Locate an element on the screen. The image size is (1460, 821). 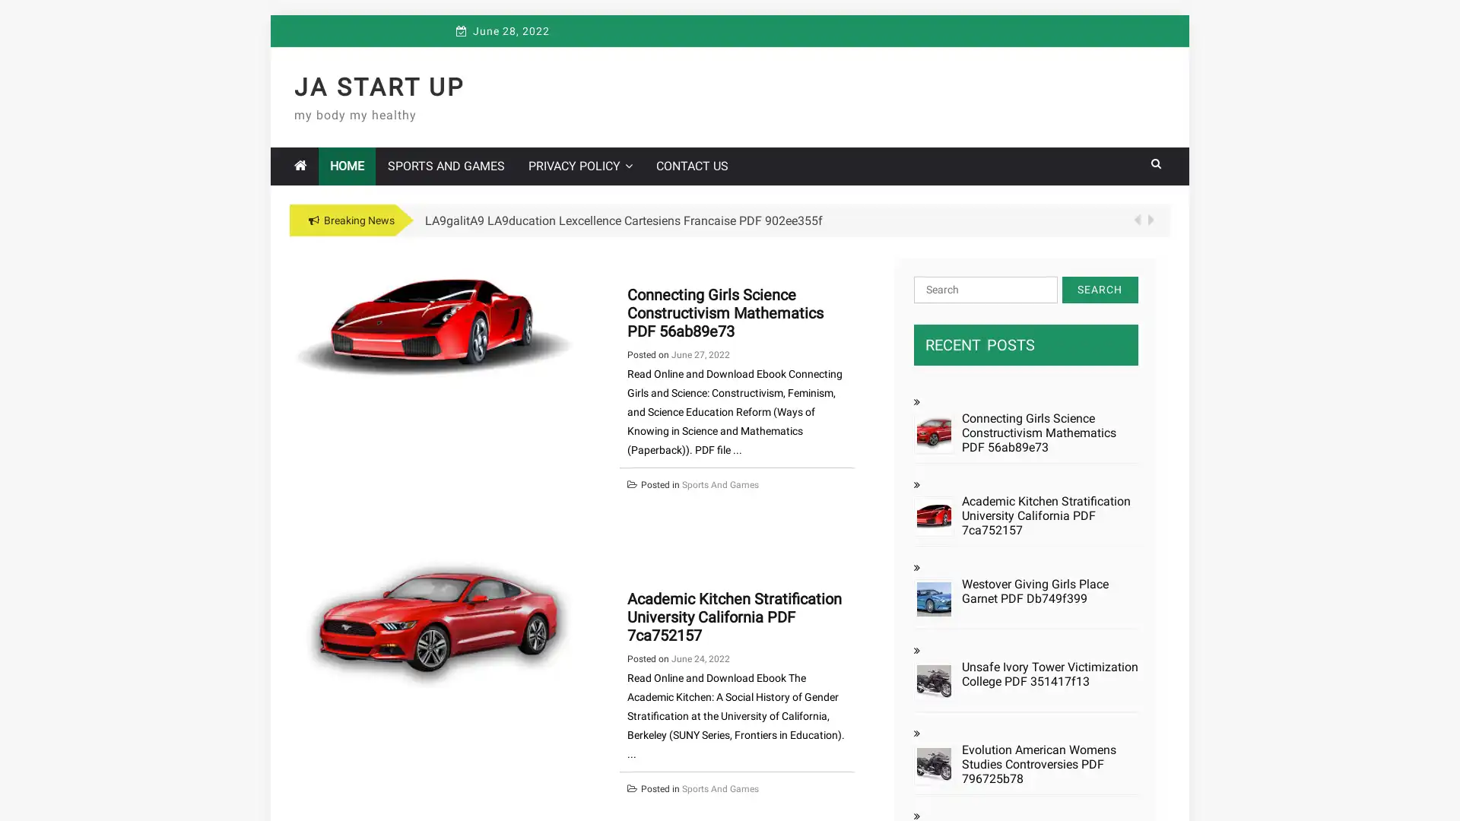
Search is located at coordinates (1099, 289).